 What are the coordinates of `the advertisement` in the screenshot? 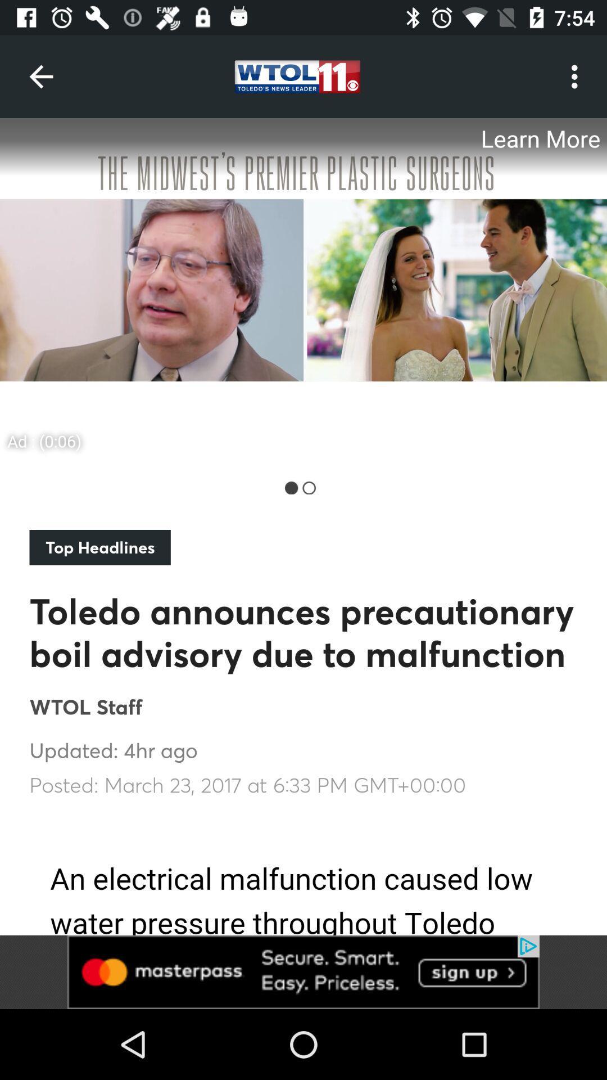 It's located at (303, 289).